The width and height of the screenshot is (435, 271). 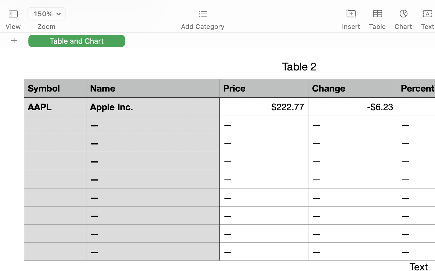 I want to click on 'Table and Chart', so click(x=76, y=41).